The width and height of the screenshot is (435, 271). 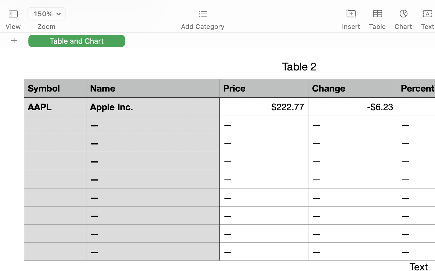 I want to click on 'Table and Chart', so click(x=76, y=41).